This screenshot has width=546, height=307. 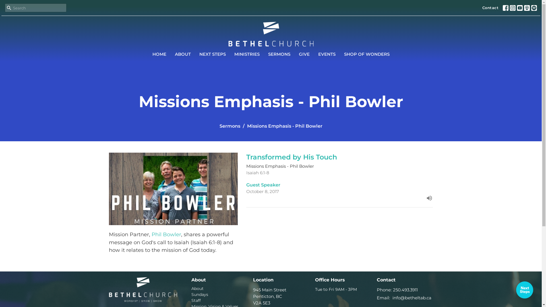 I want to click on 'SERMONS', so click(x=279, y=54).